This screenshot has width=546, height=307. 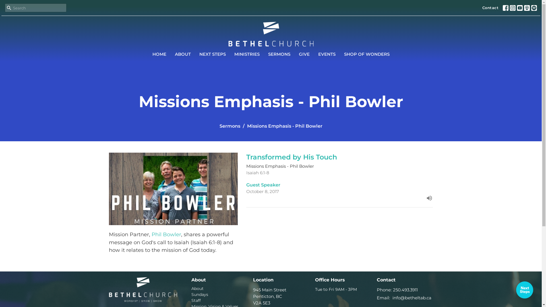 I want to click on 'SERMONS', so click(x=279, y=54).